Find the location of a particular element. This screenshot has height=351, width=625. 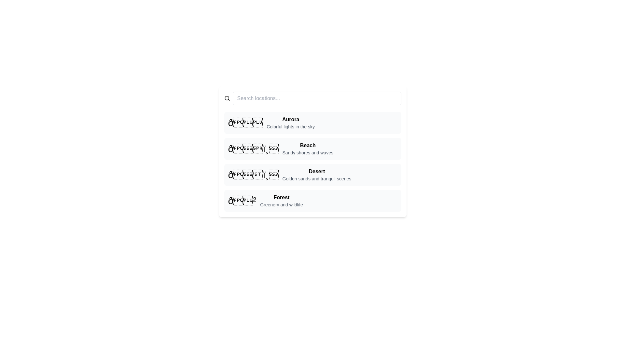

the selectable list item labeled 'Forest', which features a tree emoji on the left and is the last item in the list is located at coordinates (312, 200).